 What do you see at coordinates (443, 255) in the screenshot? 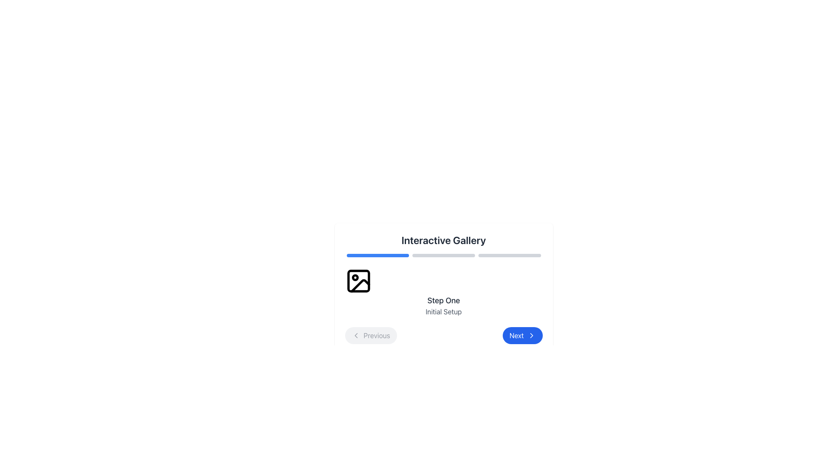
I see `the horizontal progress indicator located below the title 'Interactive Gallery' and above 'Step One' and 'Initial Setup'` at bounding box center [443, 255].